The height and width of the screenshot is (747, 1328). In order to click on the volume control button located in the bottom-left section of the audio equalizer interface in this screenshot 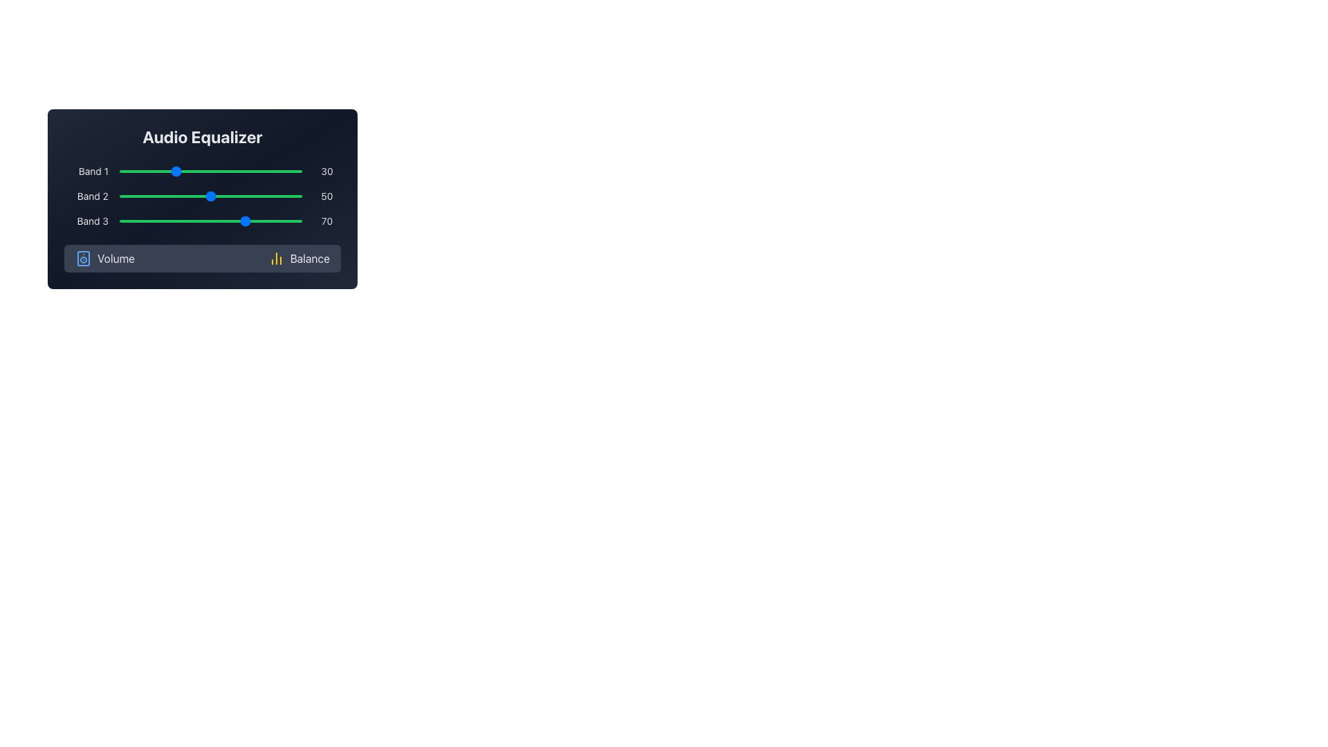, I will do `click(104, 259)`.